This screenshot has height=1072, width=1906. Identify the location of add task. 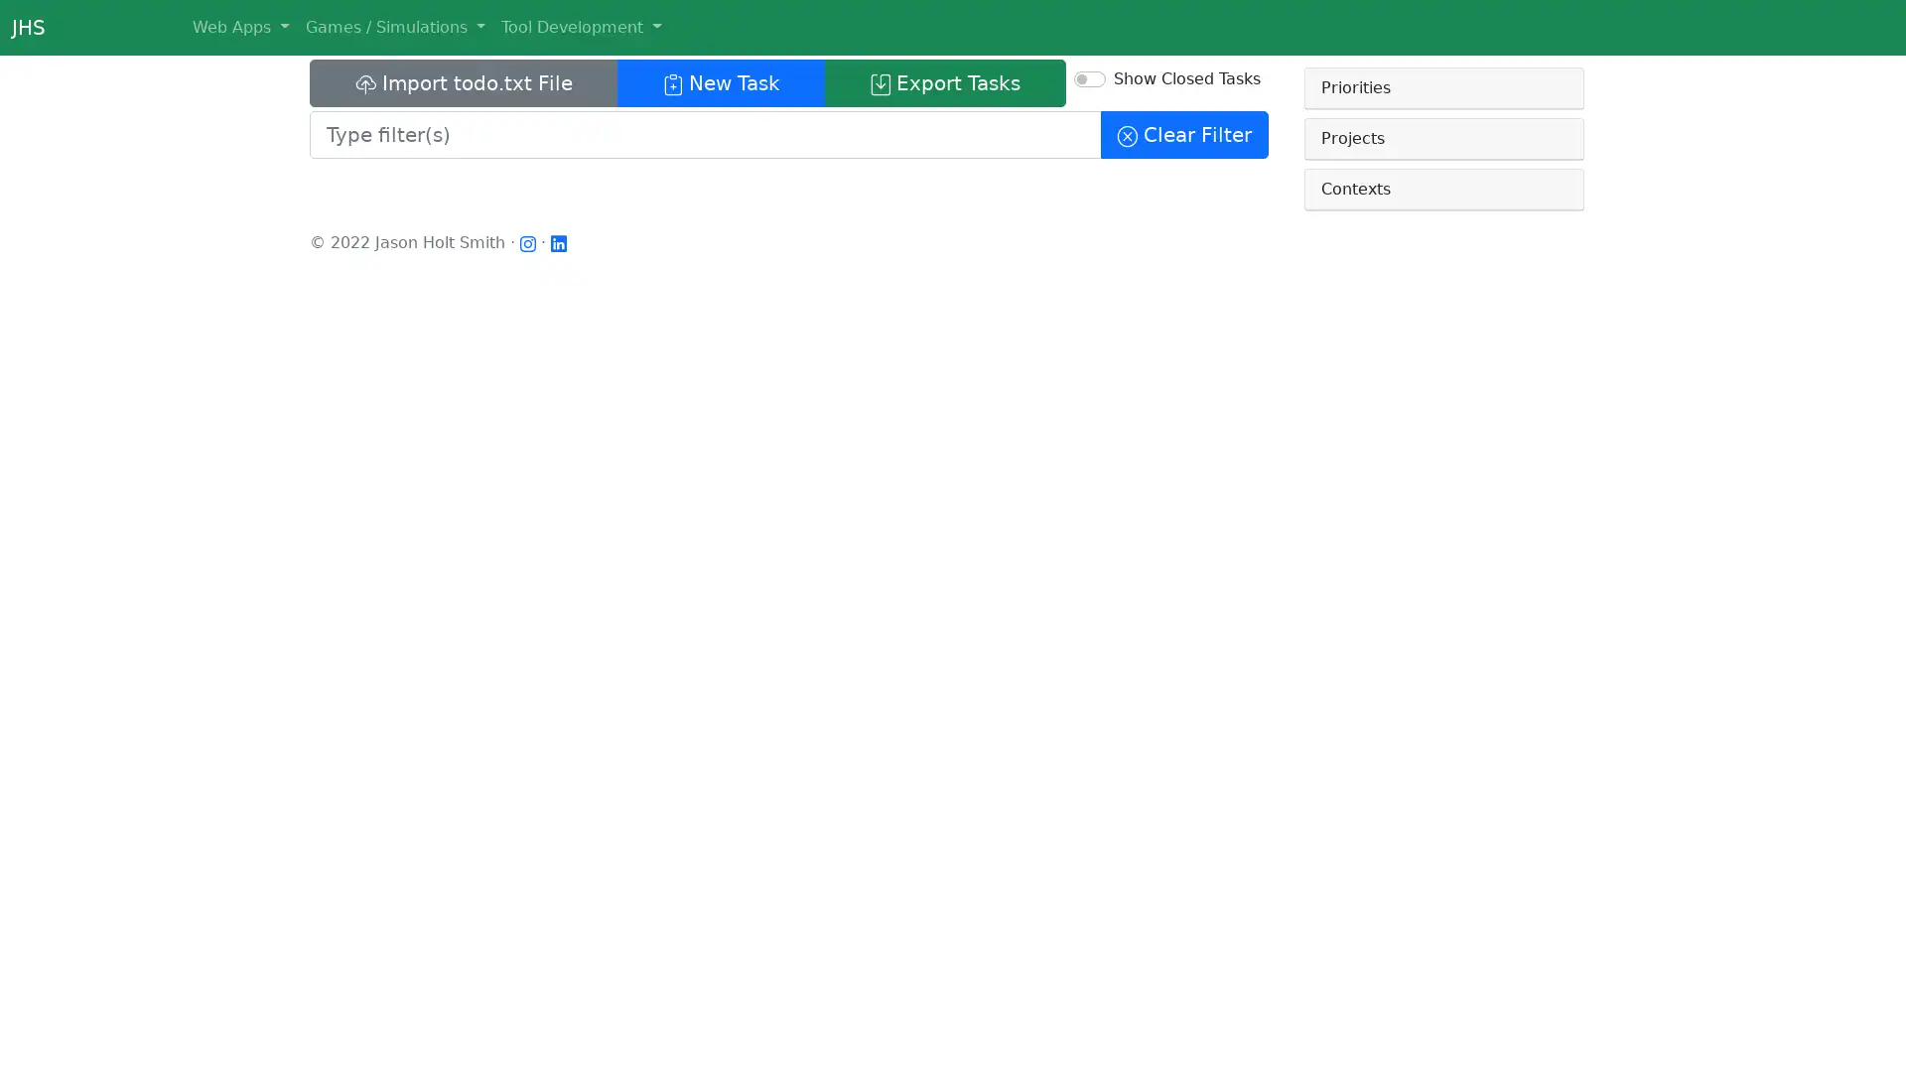
(720, 82).